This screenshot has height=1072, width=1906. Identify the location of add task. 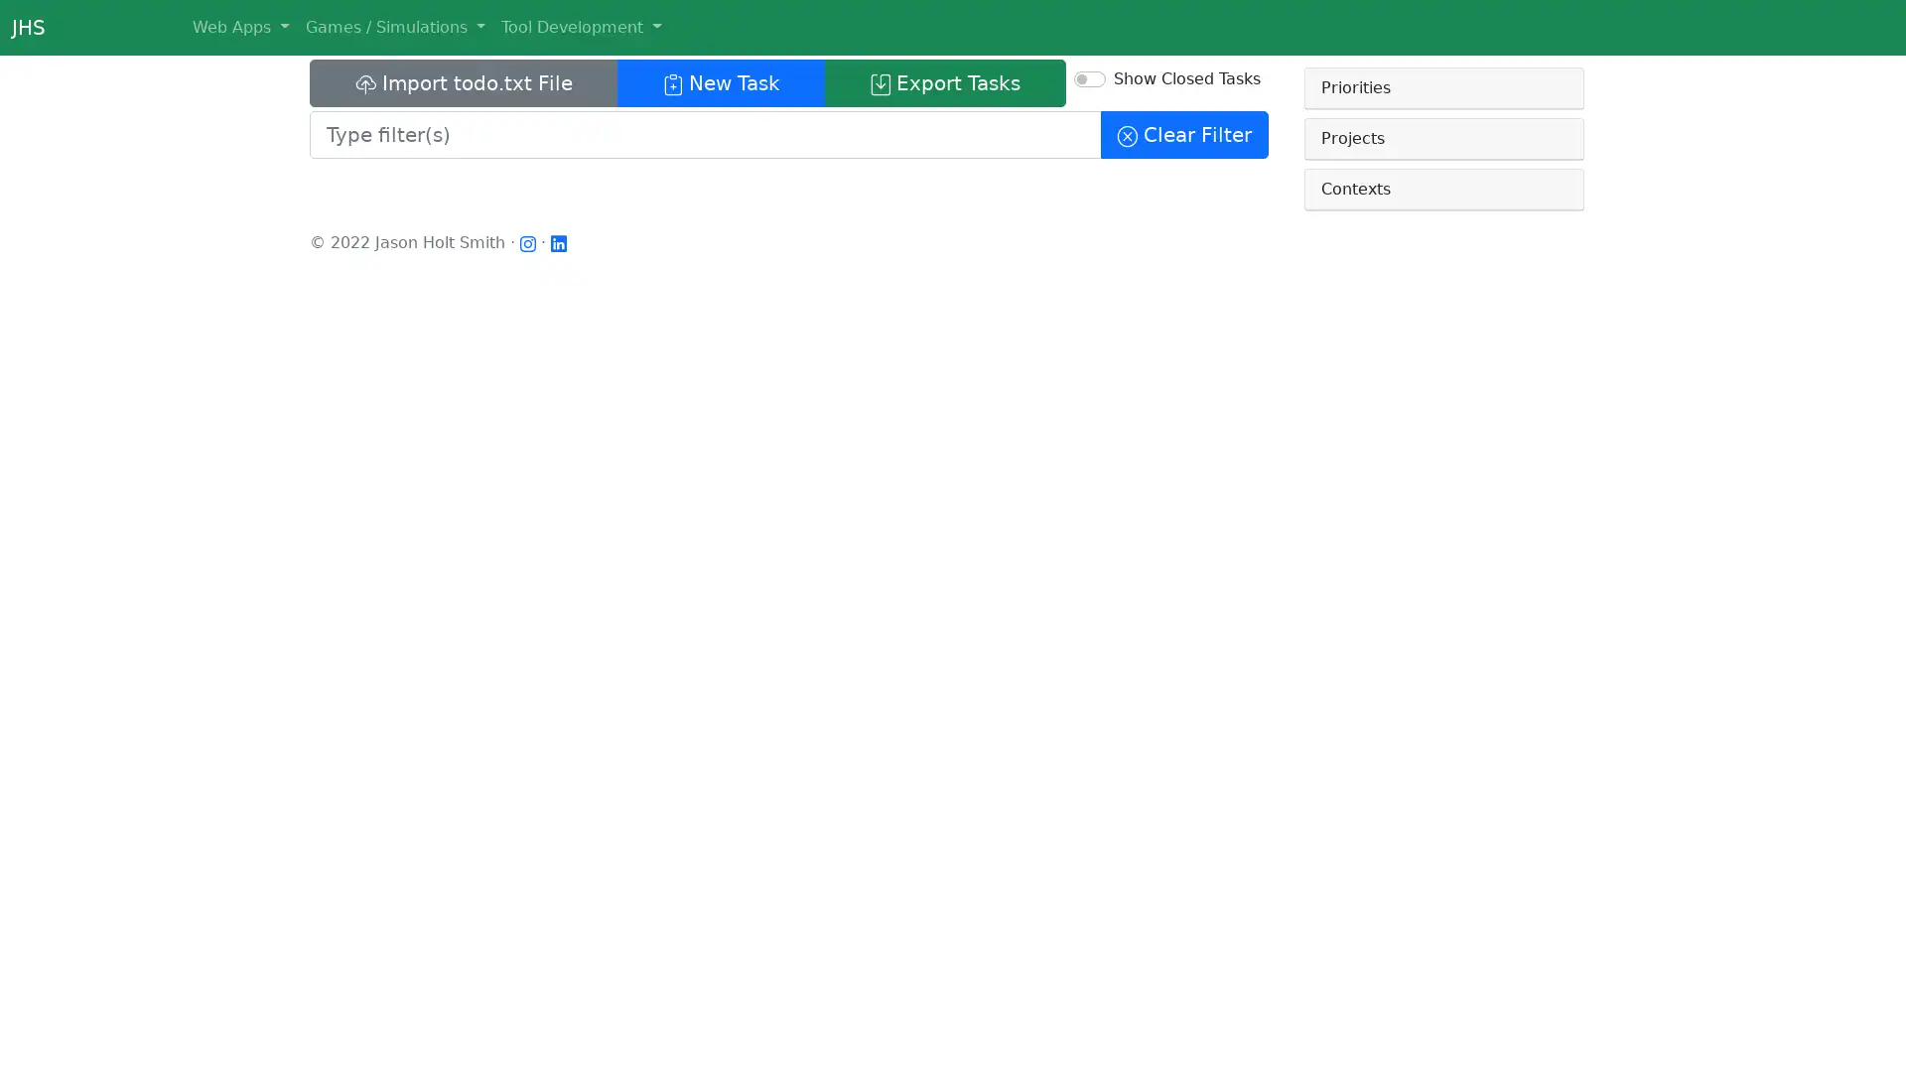
(720, 82).